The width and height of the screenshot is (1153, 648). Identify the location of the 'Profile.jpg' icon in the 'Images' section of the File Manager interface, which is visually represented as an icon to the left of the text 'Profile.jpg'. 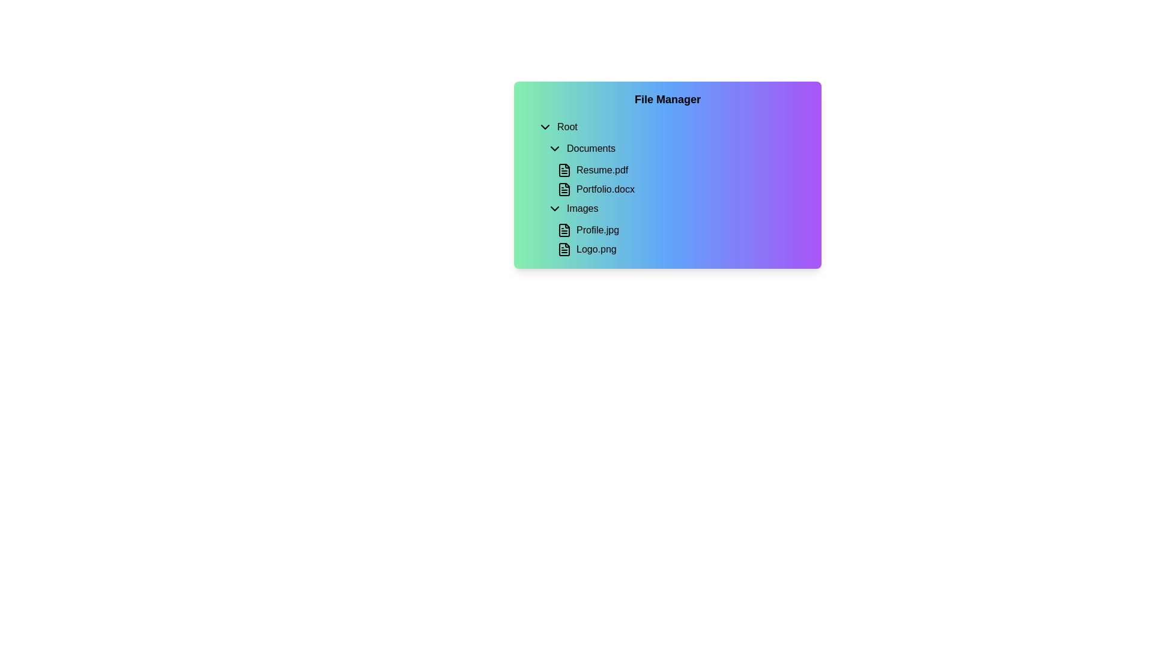
(564, 230).